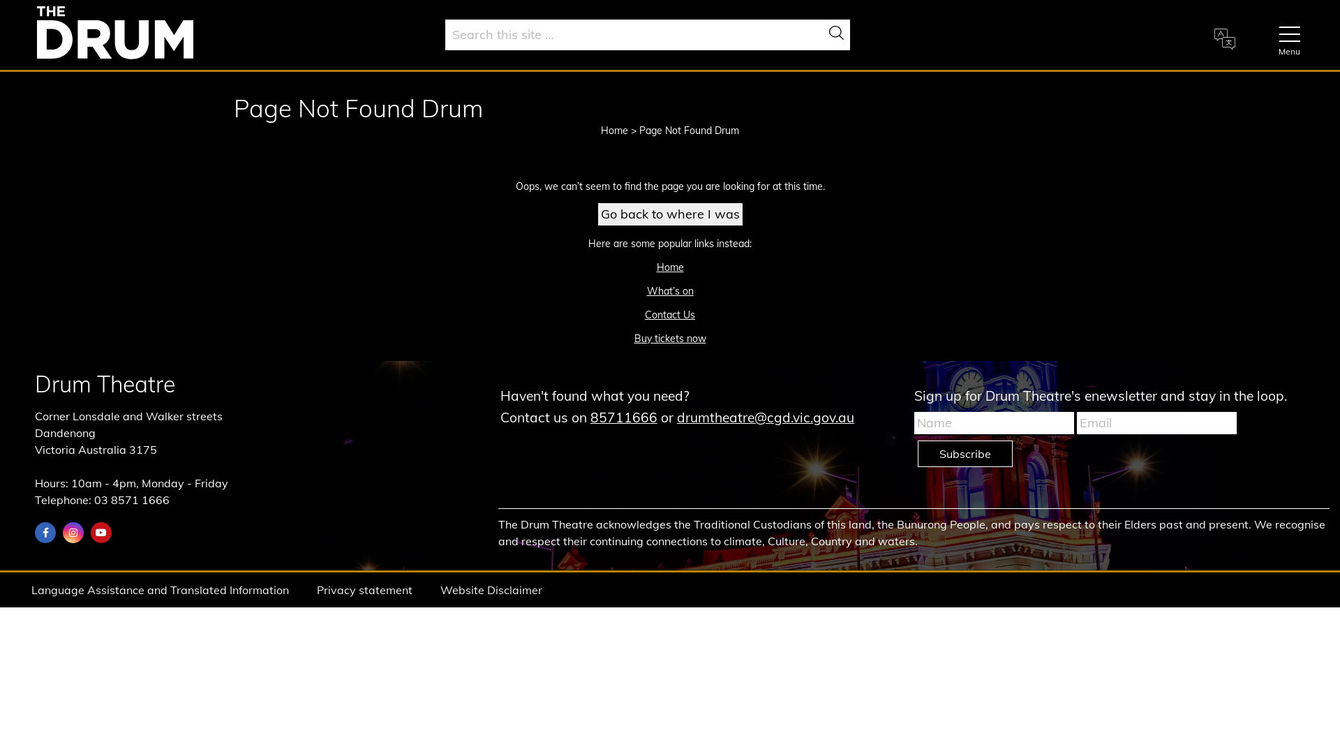 The height and width of the screenshot is (754, 1340). What do you see at coordinates (918, 454) in the screenshot?
I see `'Subscribe'` at bounding box center [918, 454].